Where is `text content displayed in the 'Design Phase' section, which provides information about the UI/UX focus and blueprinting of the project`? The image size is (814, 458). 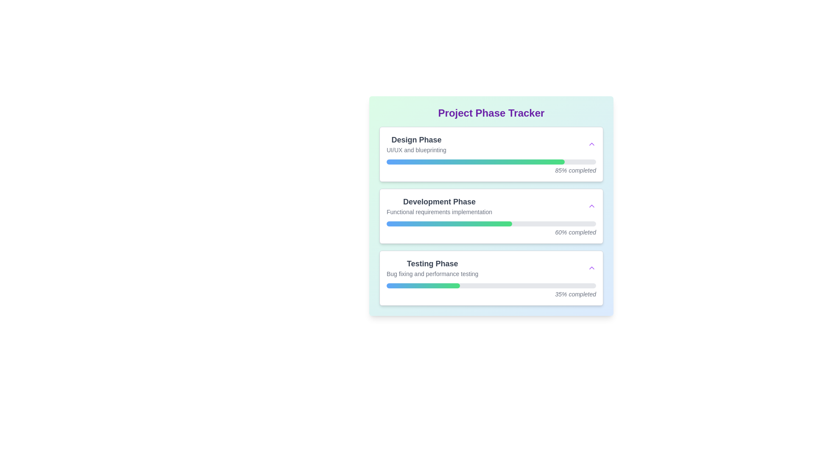
text content displayed in the 'Design Phase' section, which provides information about the UI/UX focus and blueprinting of the project is located at coordinates (416, 143).